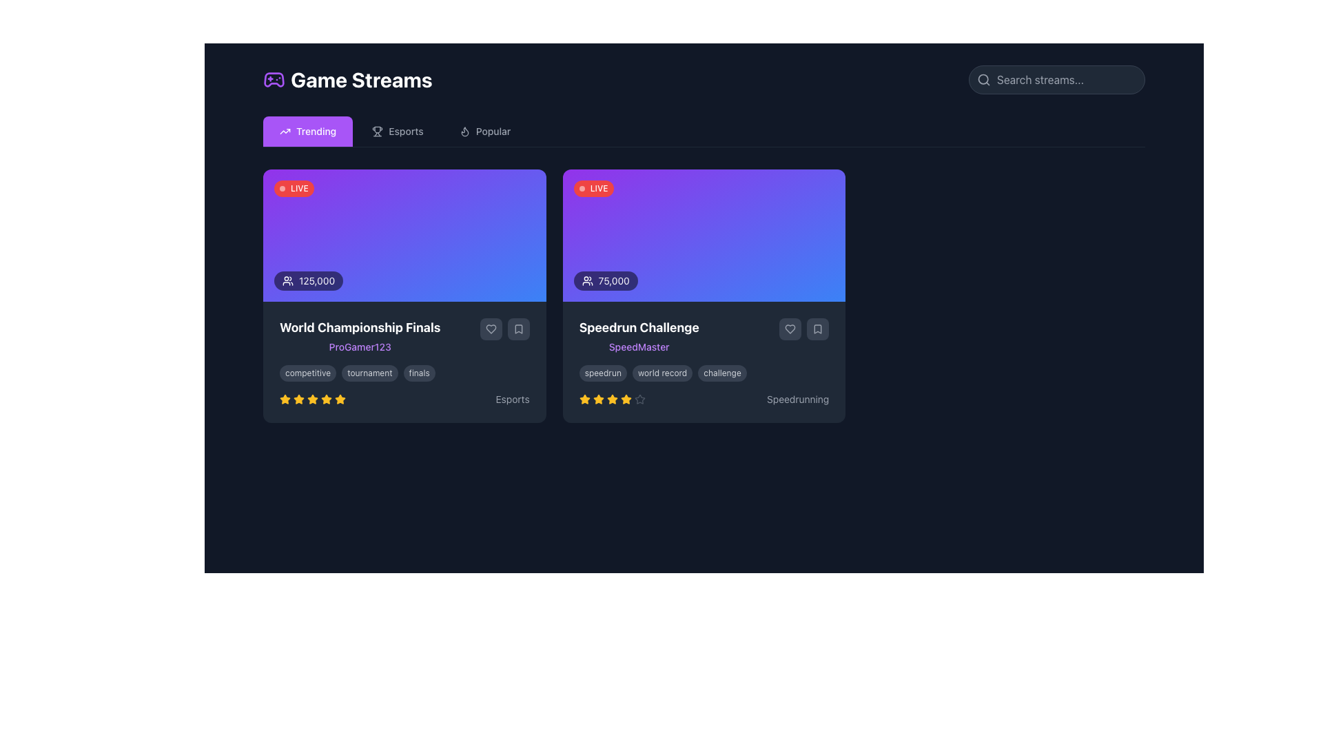  What do you see at coordinates (603, 373) in the screenshot?
I see `the small, rounded rectangular tag labeled 'speedrun' with a dark gray background and light gray text` at bounding box center [603, 373].